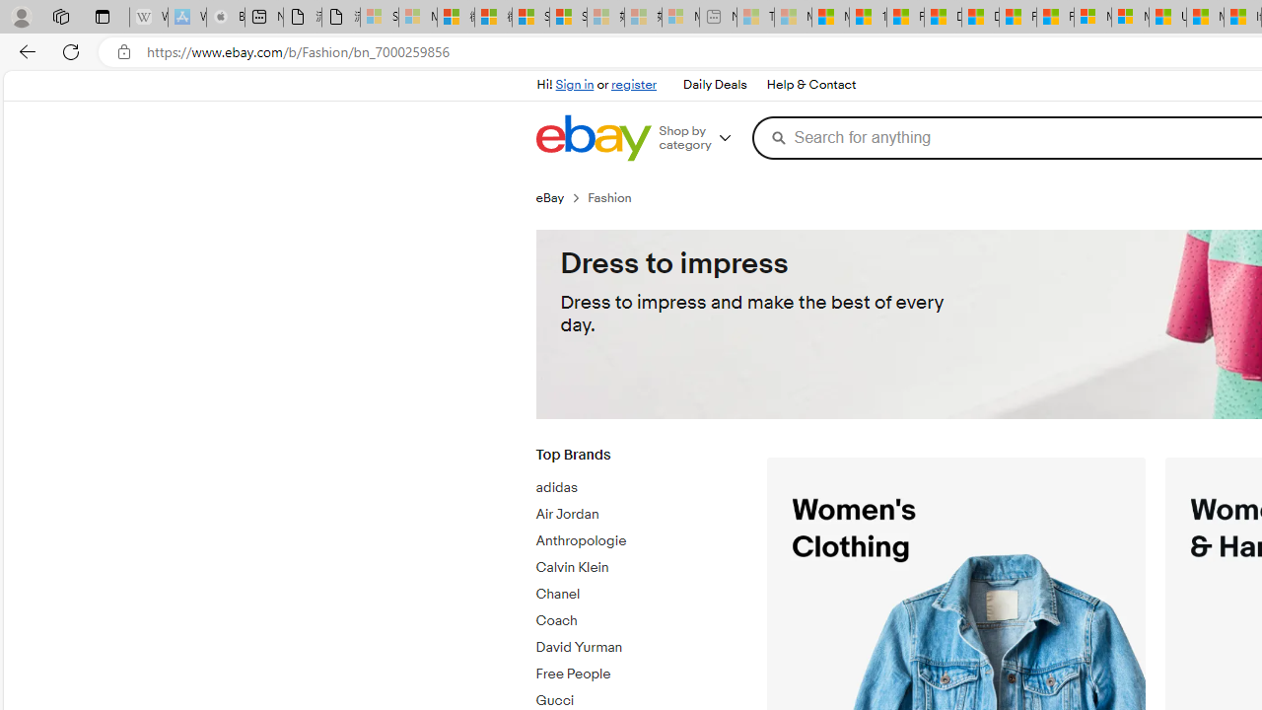 This screenshot has height=710, width=1262. What do you see at coordinates (380, 17) in the screenshot?
I see `'Sign in to your Microsoft account - Sleeping'` at bounding box center [380, 17].